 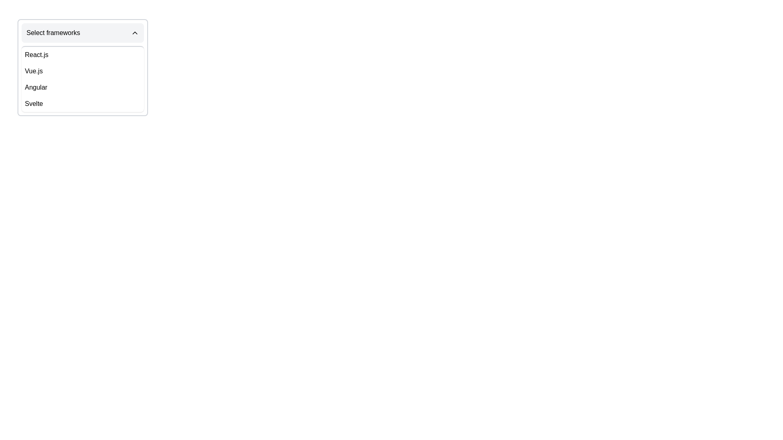 I want to click on the static text label displaying 'Svelte' in black text on a white background, so click(x=33, y=103).